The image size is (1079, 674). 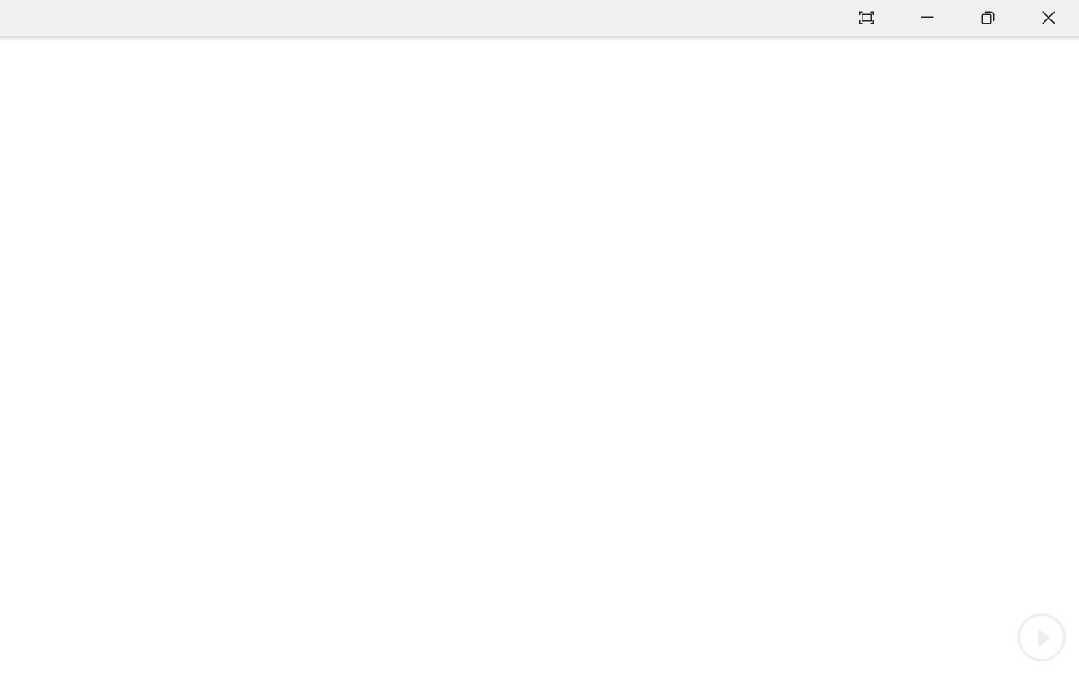 What do you see at coordinates (926, 18) in the screenshot?
I see `'Minimize'` at bounding box center [926, 18].